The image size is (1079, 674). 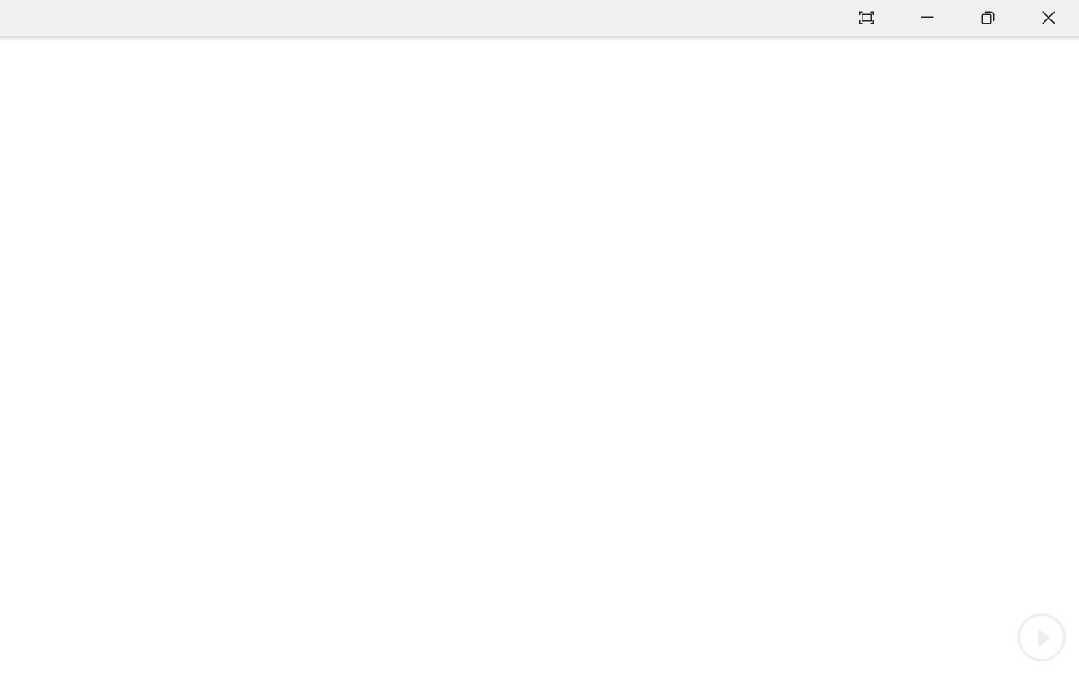 What do you see at coordinates (926, 18) in the screenshot?
I see `'Minimize'` at bounding box center [926, 18].